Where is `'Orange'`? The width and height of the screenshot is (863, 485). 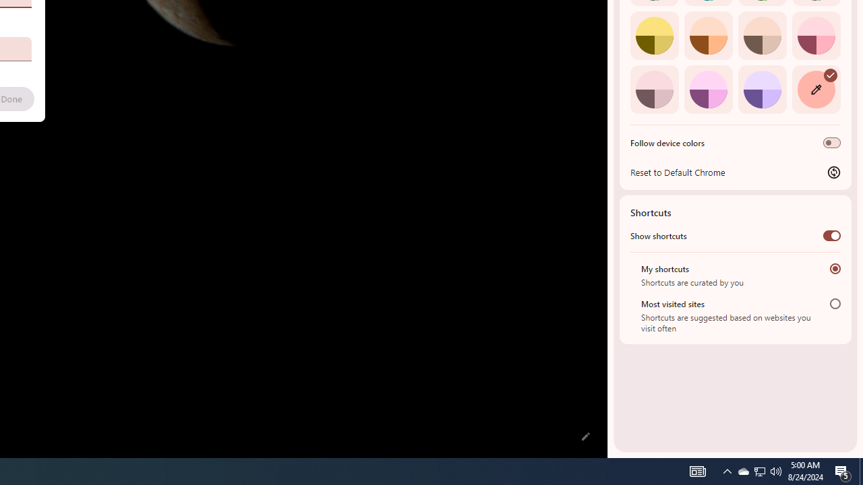
'Orange' is located at coordinates (707, 34).